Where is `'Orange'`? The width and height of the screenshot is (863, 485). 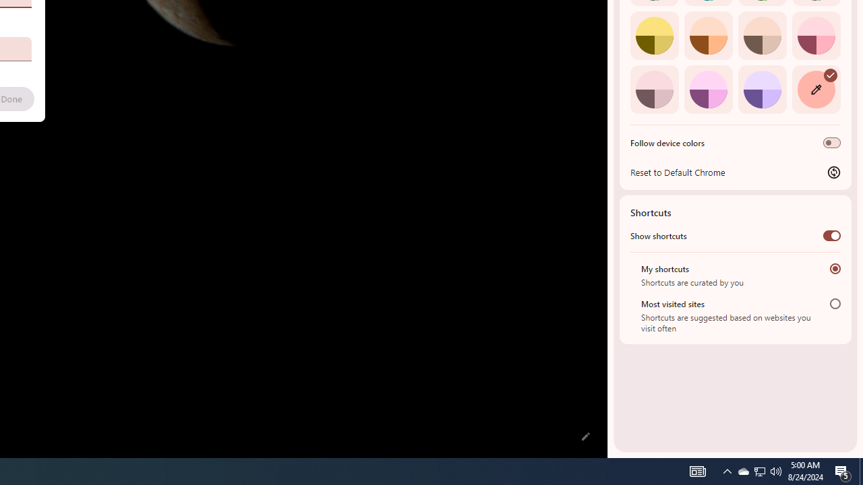
'Orange' is located at coordinates (707, 34).